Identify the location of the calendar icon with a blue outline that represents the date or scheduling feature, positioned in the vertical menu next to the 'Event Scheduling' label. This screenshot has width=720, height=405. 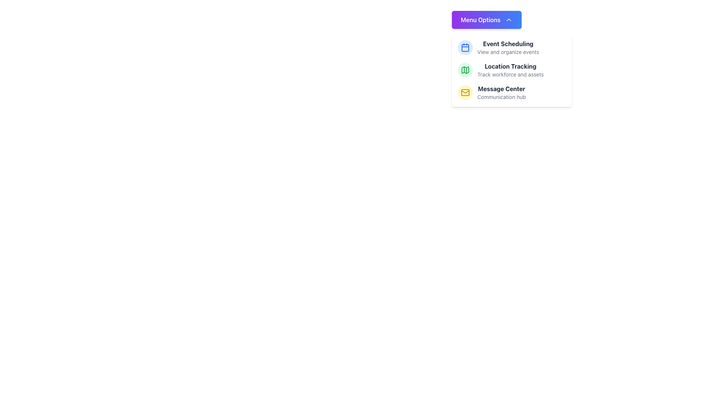
(465, 48).